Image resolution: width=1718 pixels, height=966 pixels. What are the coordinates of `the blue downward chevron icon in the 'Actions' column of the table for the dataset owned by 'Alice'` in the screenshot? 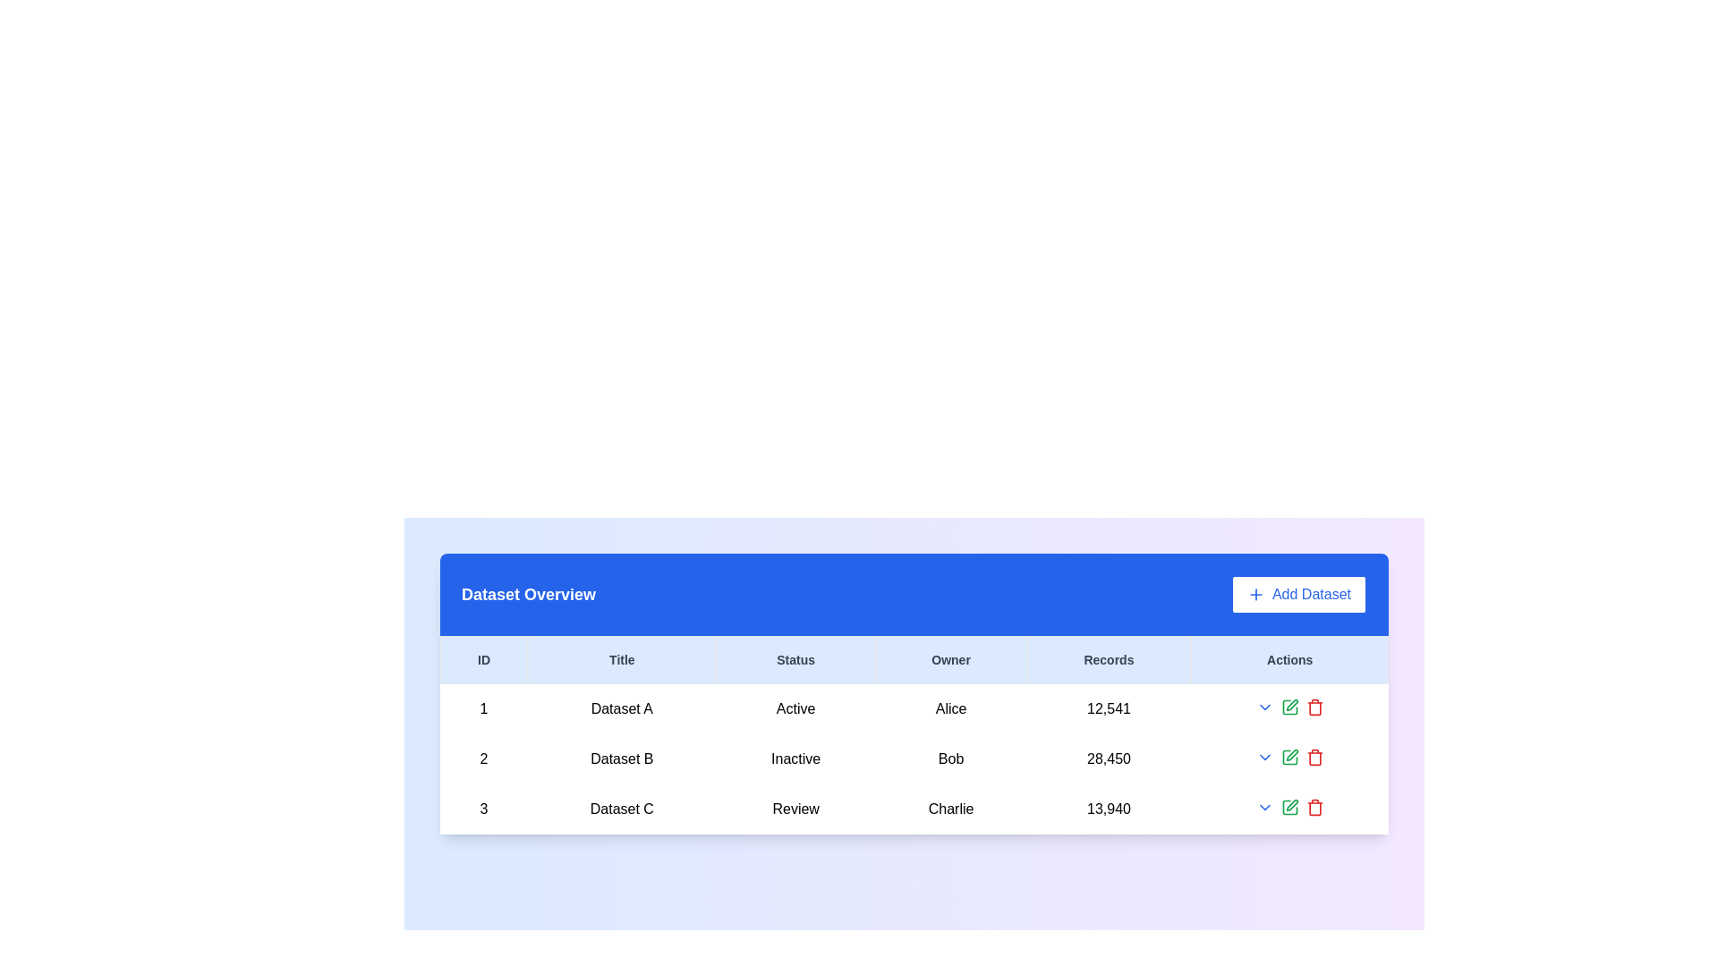 It's located at (1263, 706).